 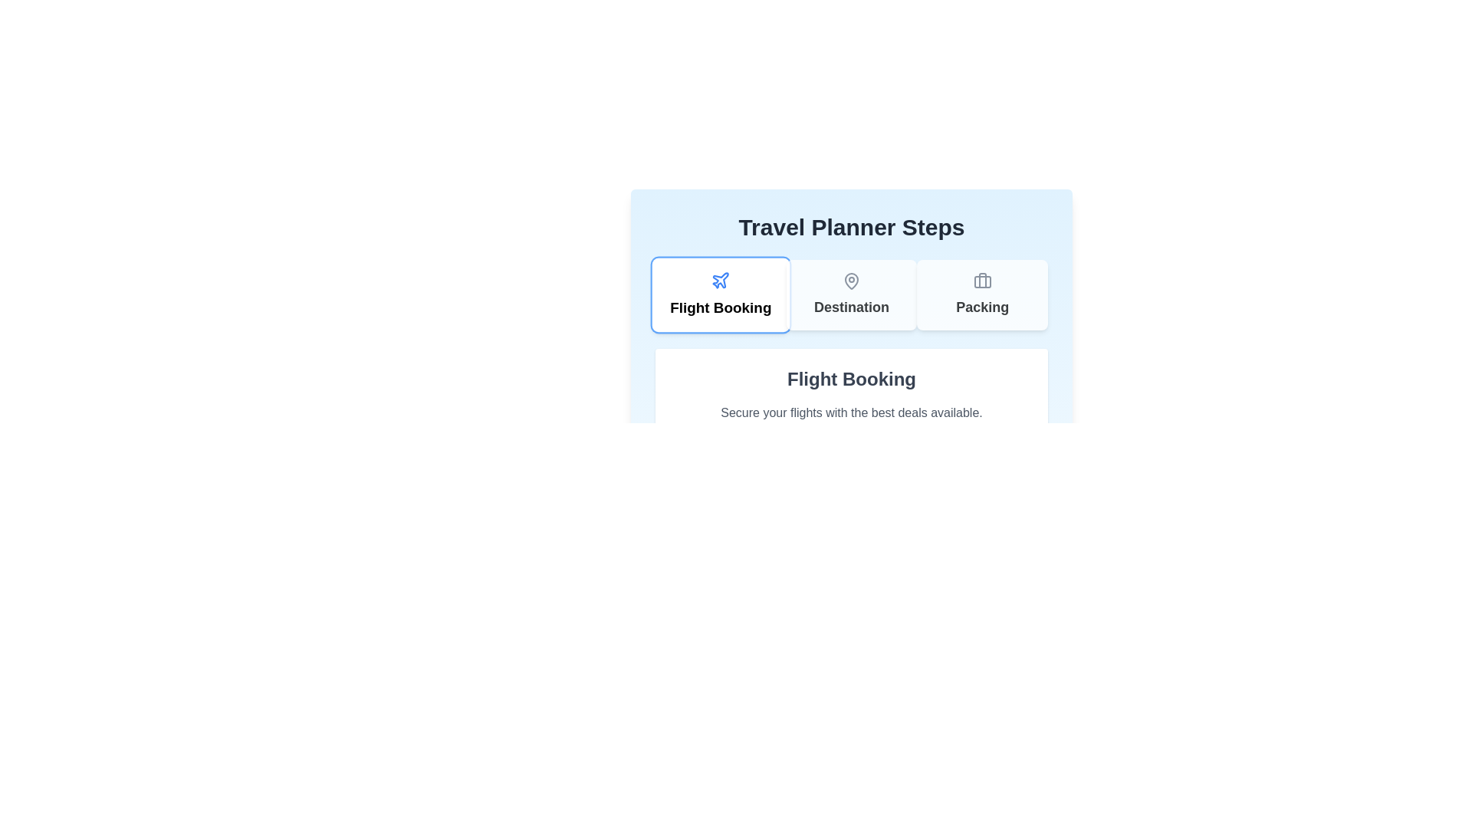 What do you see at coordinates (982, 281) in the screenshot?
I see `the rectangular SVG element located in the 'Packing' section of the 'Travel Planner Steps', which serves as part of the icon's outline` at bounding box center [982, 281].